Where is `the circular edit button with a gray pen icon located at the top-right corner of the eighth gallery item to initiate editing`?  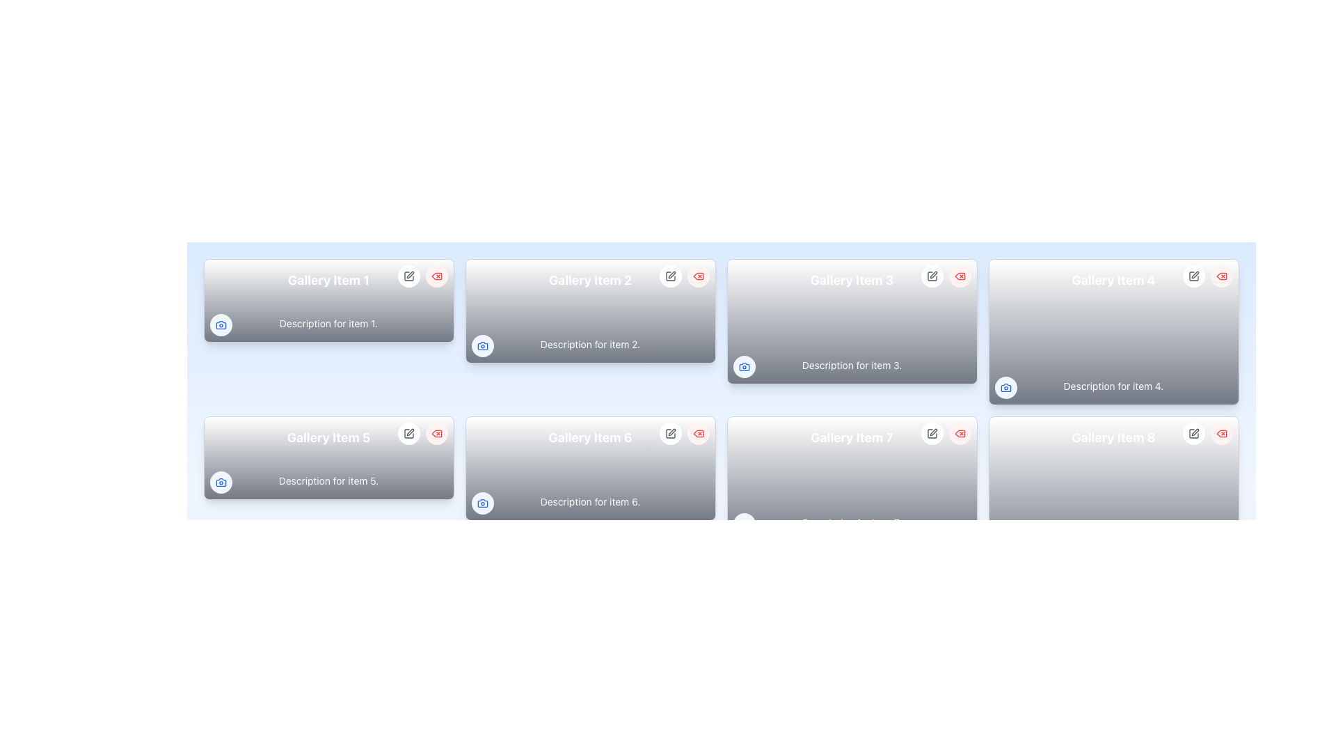 the circular edit button with a gray pen icon located at the top-right corner of the eighth gallery item to initiate editing is located at coordinates (1193, 433).